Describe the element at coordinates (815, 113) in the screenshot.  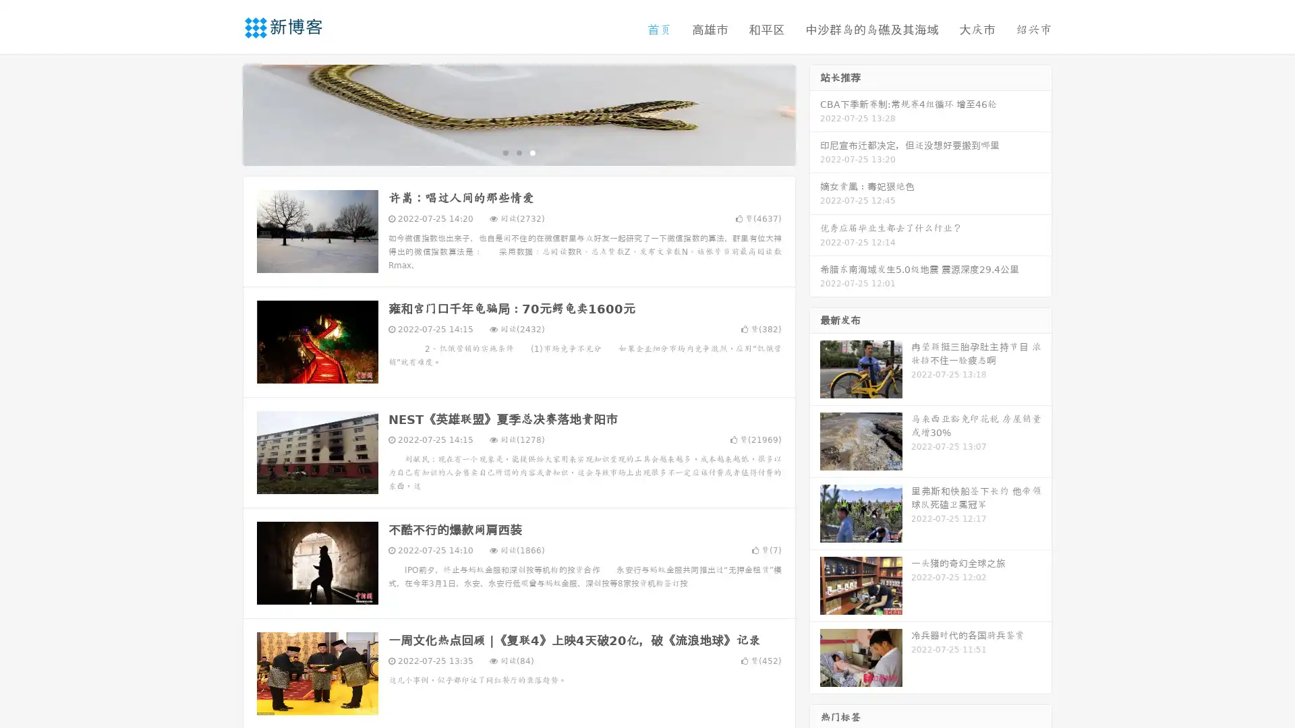
I see `Next slide` at that location.